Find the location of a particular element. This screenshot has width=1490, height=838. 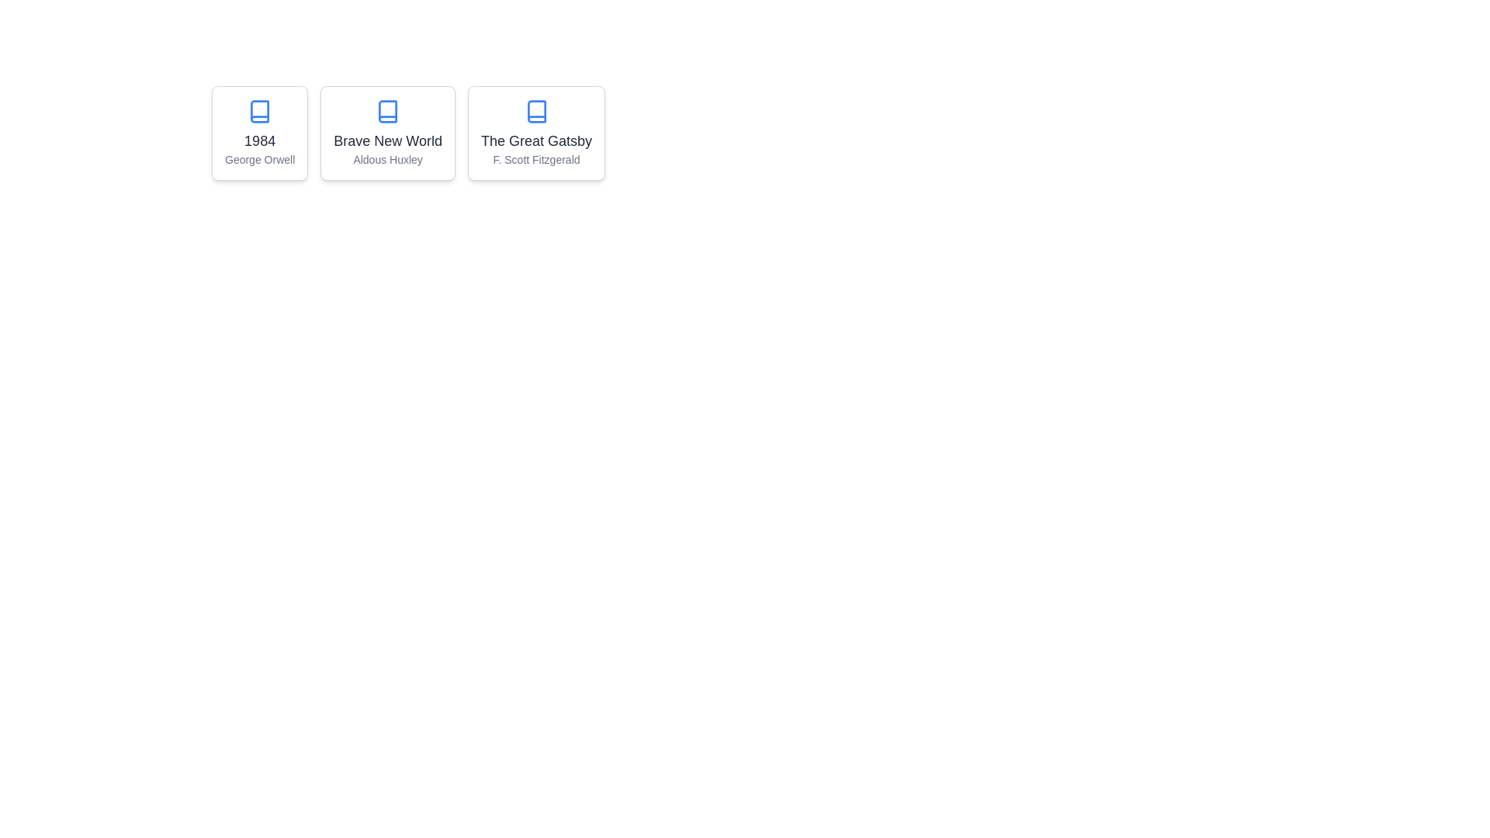

the text label that reads 'The Great Gatsby', which is styled in a large font size, medium weight, and dark gray color, located within a card displaying the book's details is located at coordinates (536, 140).